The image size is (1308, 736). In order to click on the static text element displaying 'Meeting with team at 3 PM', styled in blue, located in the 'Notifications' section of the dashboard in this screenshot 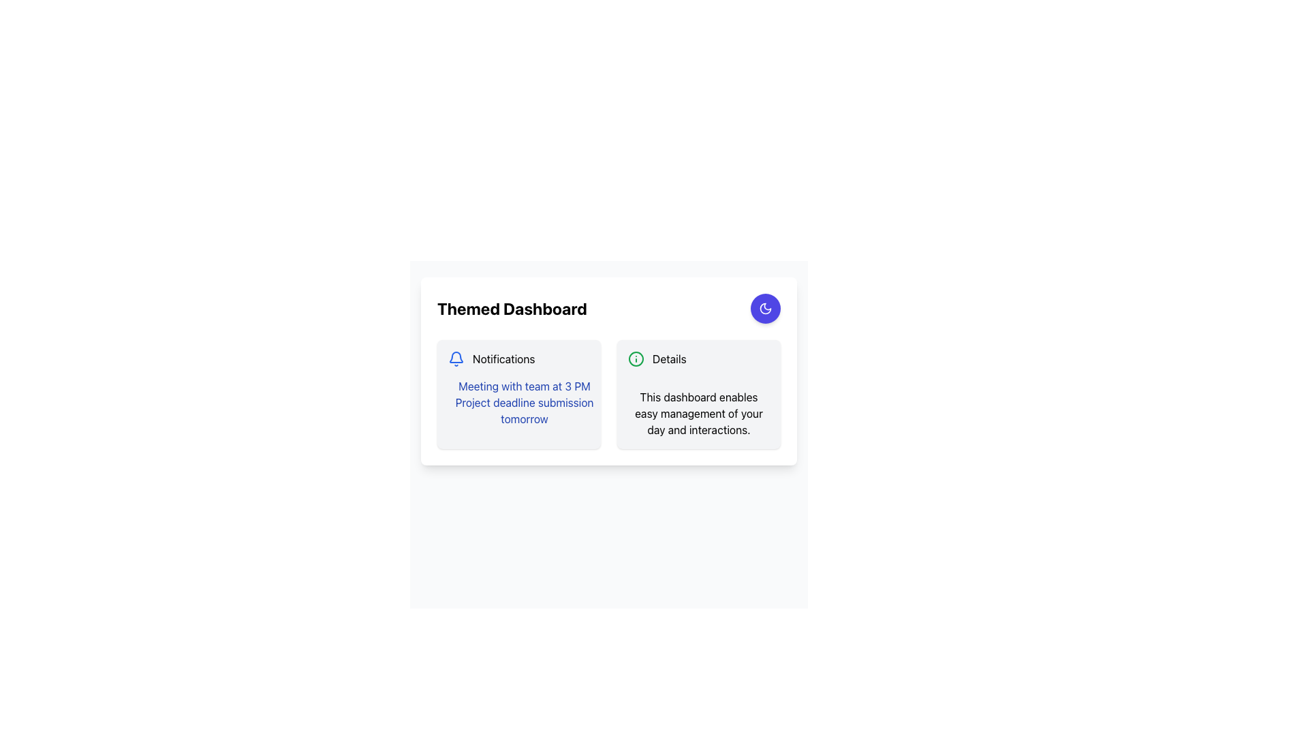, I will do `click(523, 386)`.